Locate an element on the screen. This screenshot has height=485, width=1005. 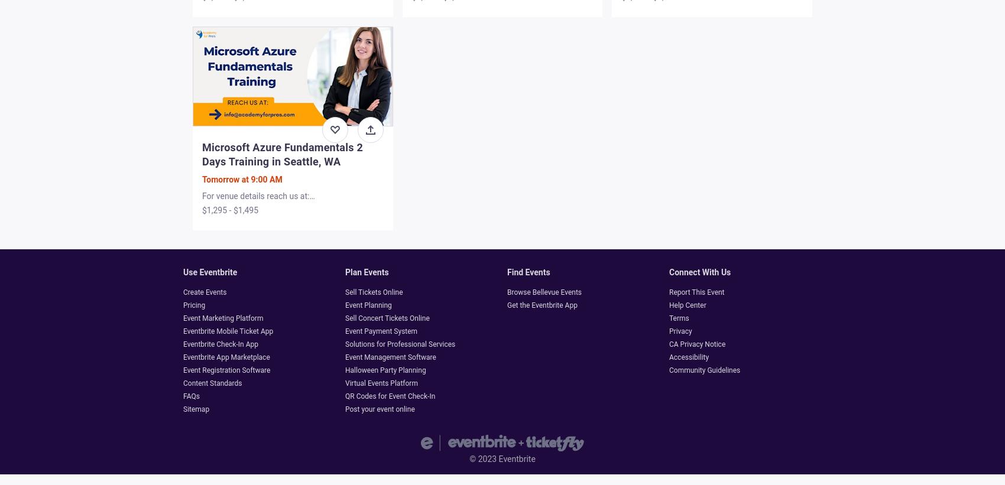
'2023' is located at coordinates (477, 458).